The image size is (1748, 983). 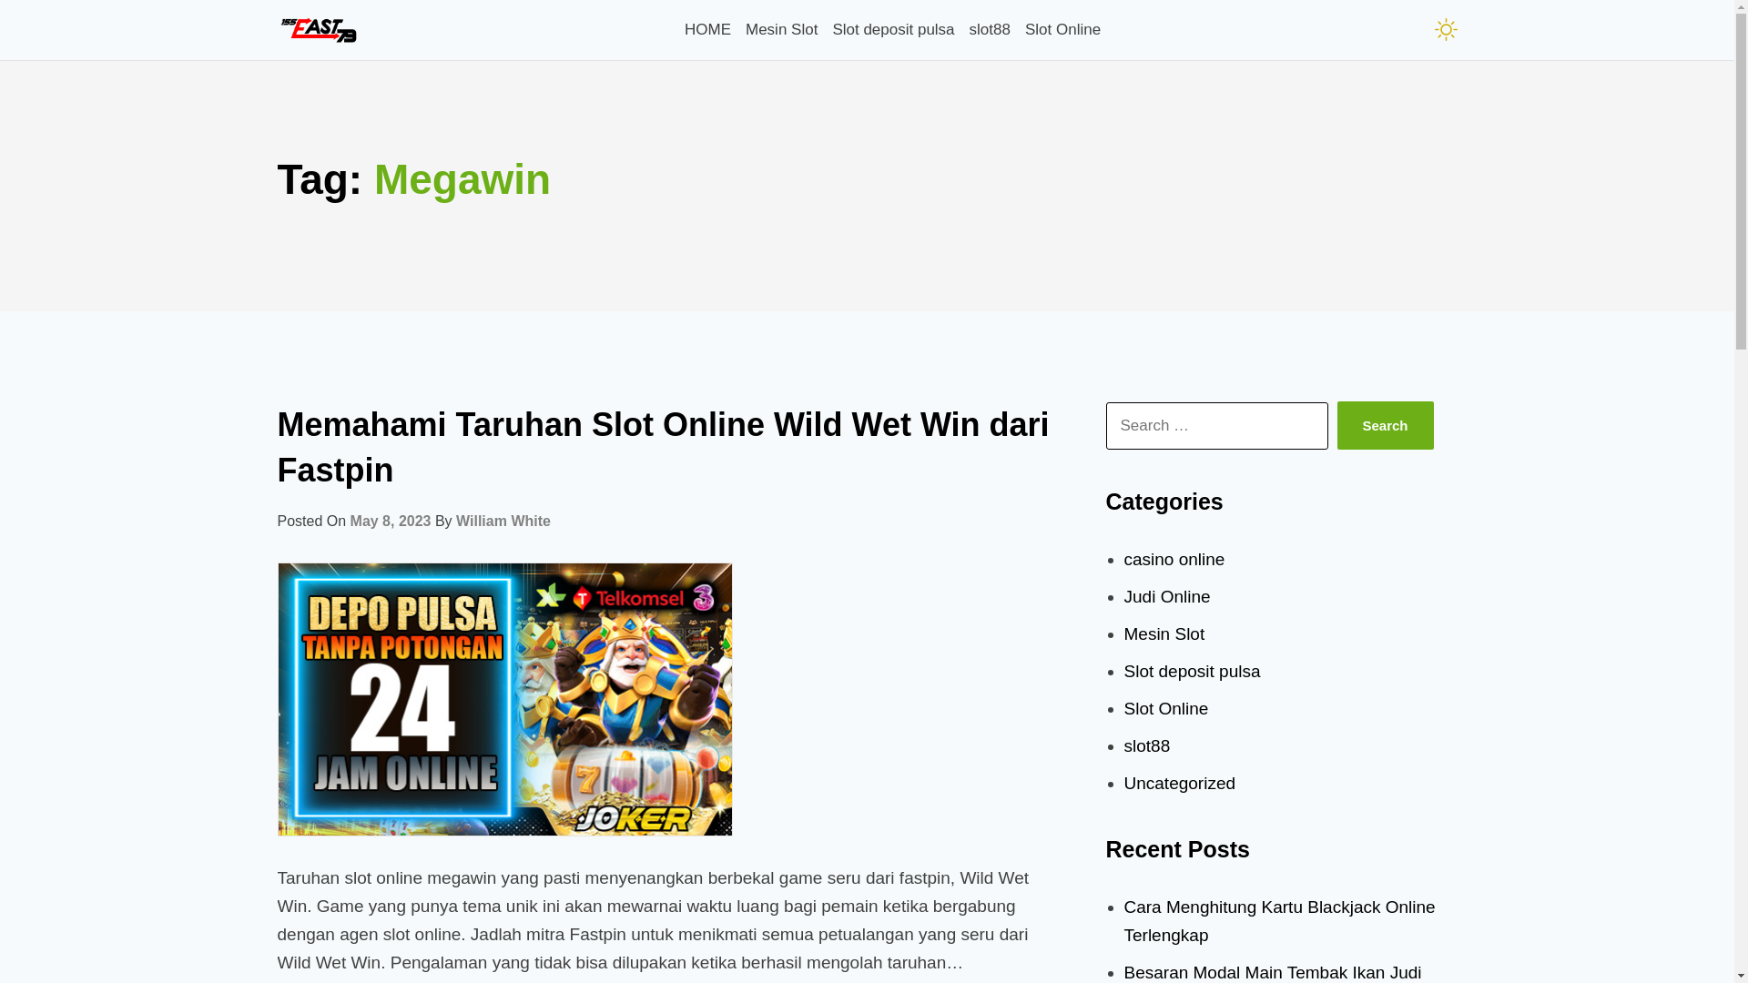 I want to click on 'Uncategorized', so click(x=1122, y=782).